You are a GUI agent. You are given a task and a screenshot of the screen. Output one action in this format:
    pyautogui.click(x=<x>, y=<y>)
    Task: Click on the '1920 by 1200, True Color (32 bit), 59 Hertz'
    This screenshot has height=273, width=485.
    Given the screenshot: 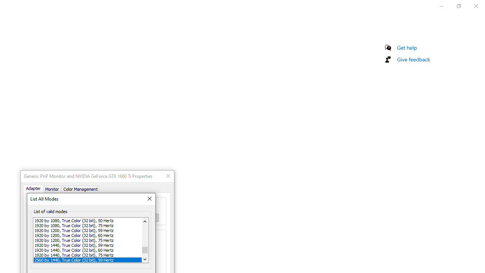 What is the action you would take?
    pyautogui.click(x=88, y=230)
    